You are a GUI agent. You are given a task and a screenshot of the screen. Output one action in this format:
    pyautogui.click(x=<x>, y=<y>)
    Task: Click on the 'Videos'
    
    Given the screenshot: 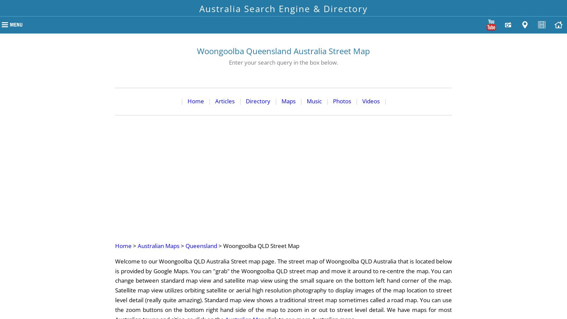 What is the action you would take?
    pyautogui.click(x=370, y=101)
    